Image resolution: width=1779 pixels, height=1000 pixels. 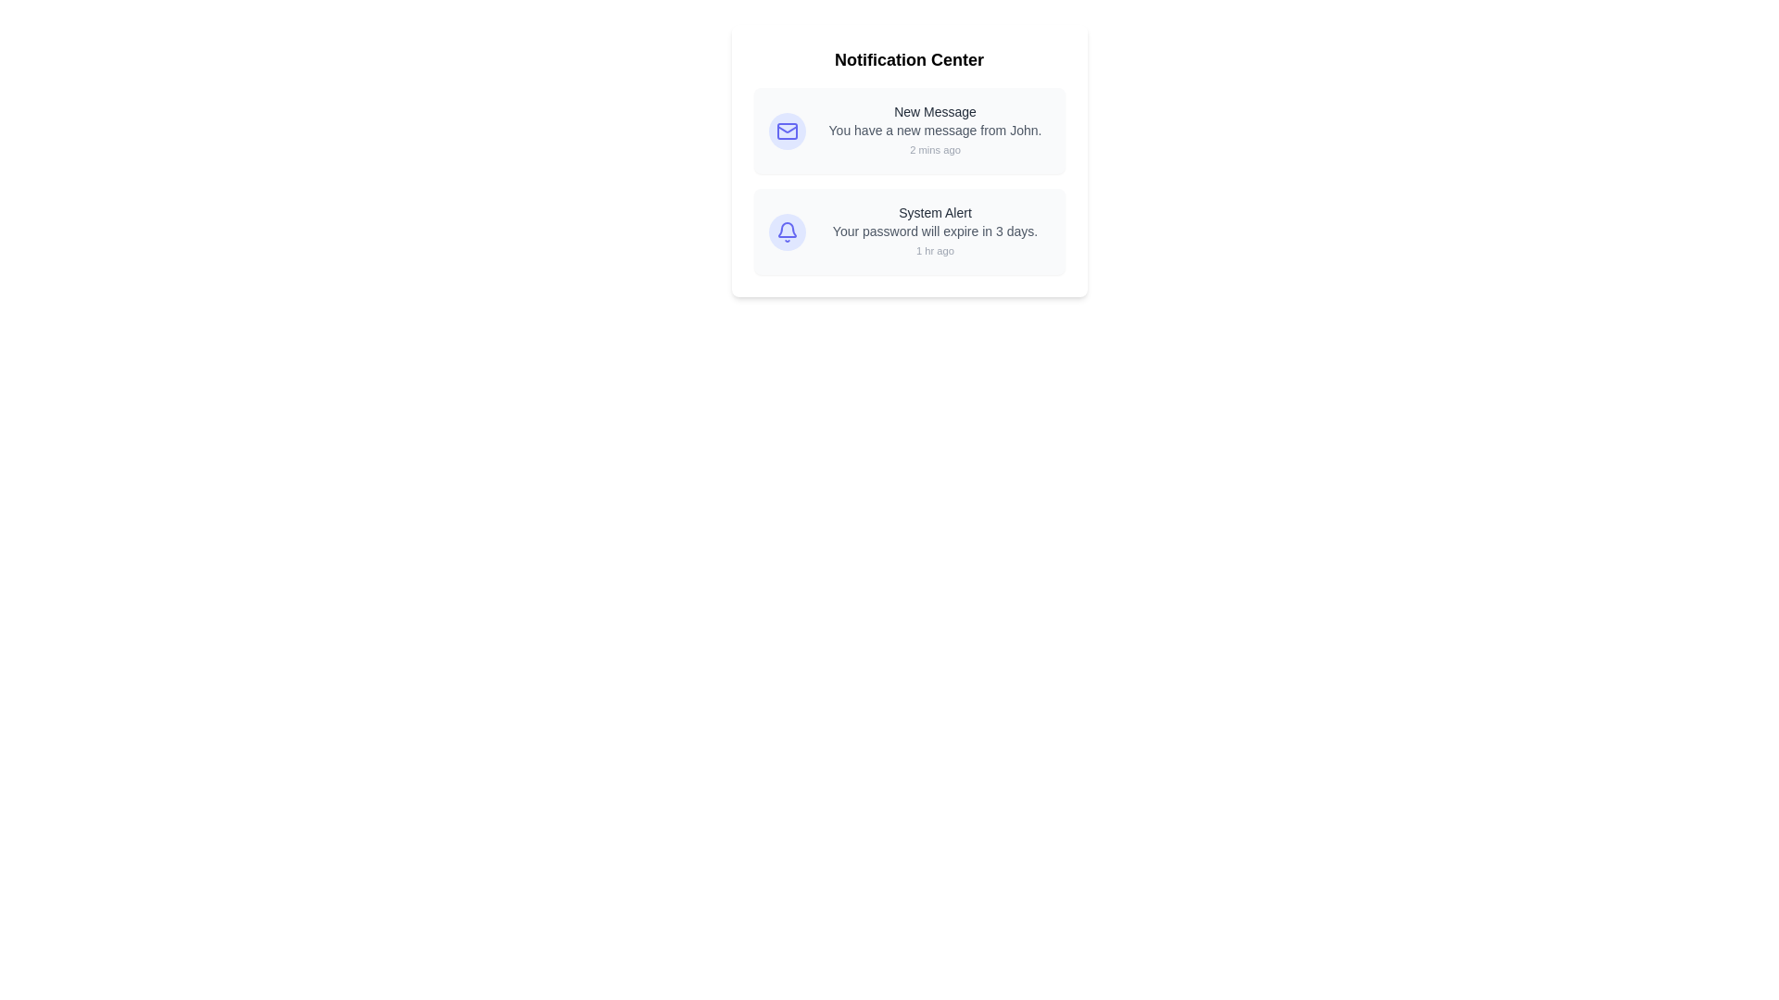 I want to click on text label displaying '1 hr ago', which is a small, light-gray colored snippet located at the bottom-right of the notification message titled 'System Alert', so click(x=935, y=250).